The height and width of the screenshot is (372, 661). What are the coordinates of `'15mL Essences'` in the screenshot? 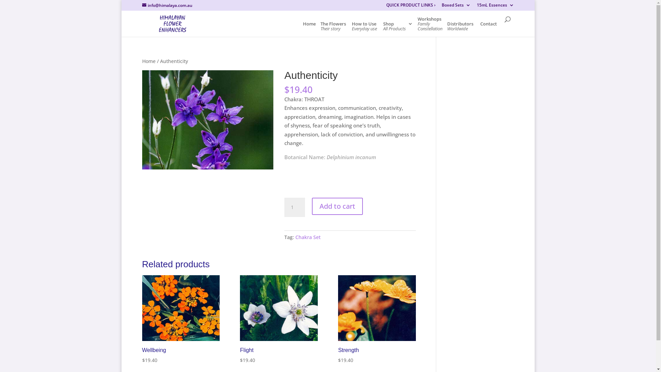 It's located at (476, 7).